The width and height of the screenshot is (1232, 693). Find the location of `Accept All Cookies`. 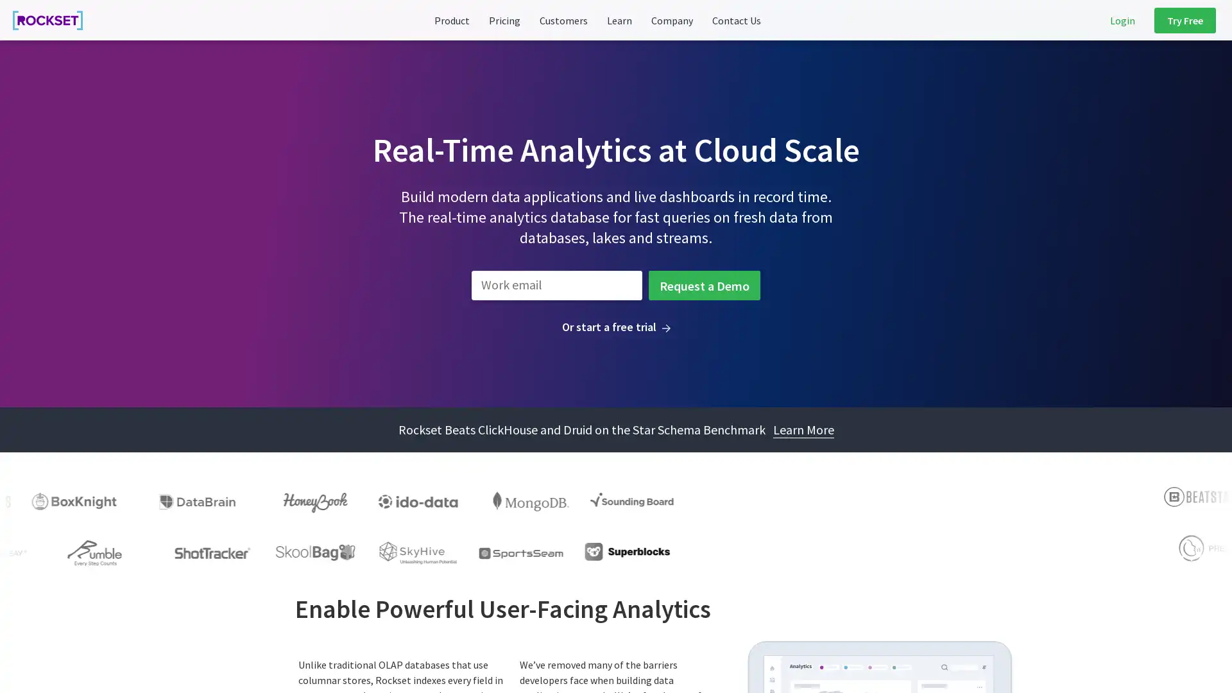

Accept All Cookies is located at coordinates (988, 668).